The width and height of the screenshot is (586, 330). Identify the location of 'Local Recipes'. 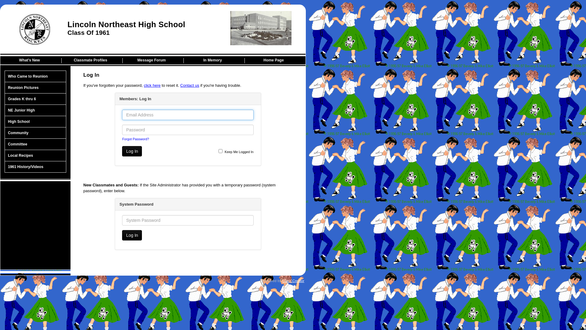
(35, 155).